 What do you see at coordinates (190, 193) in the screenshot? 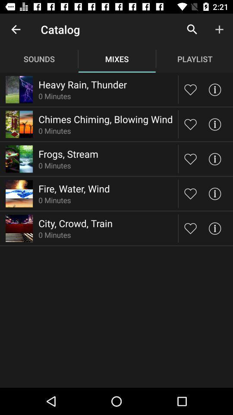
I see `like soundmix` at bounding box center [190, 193].